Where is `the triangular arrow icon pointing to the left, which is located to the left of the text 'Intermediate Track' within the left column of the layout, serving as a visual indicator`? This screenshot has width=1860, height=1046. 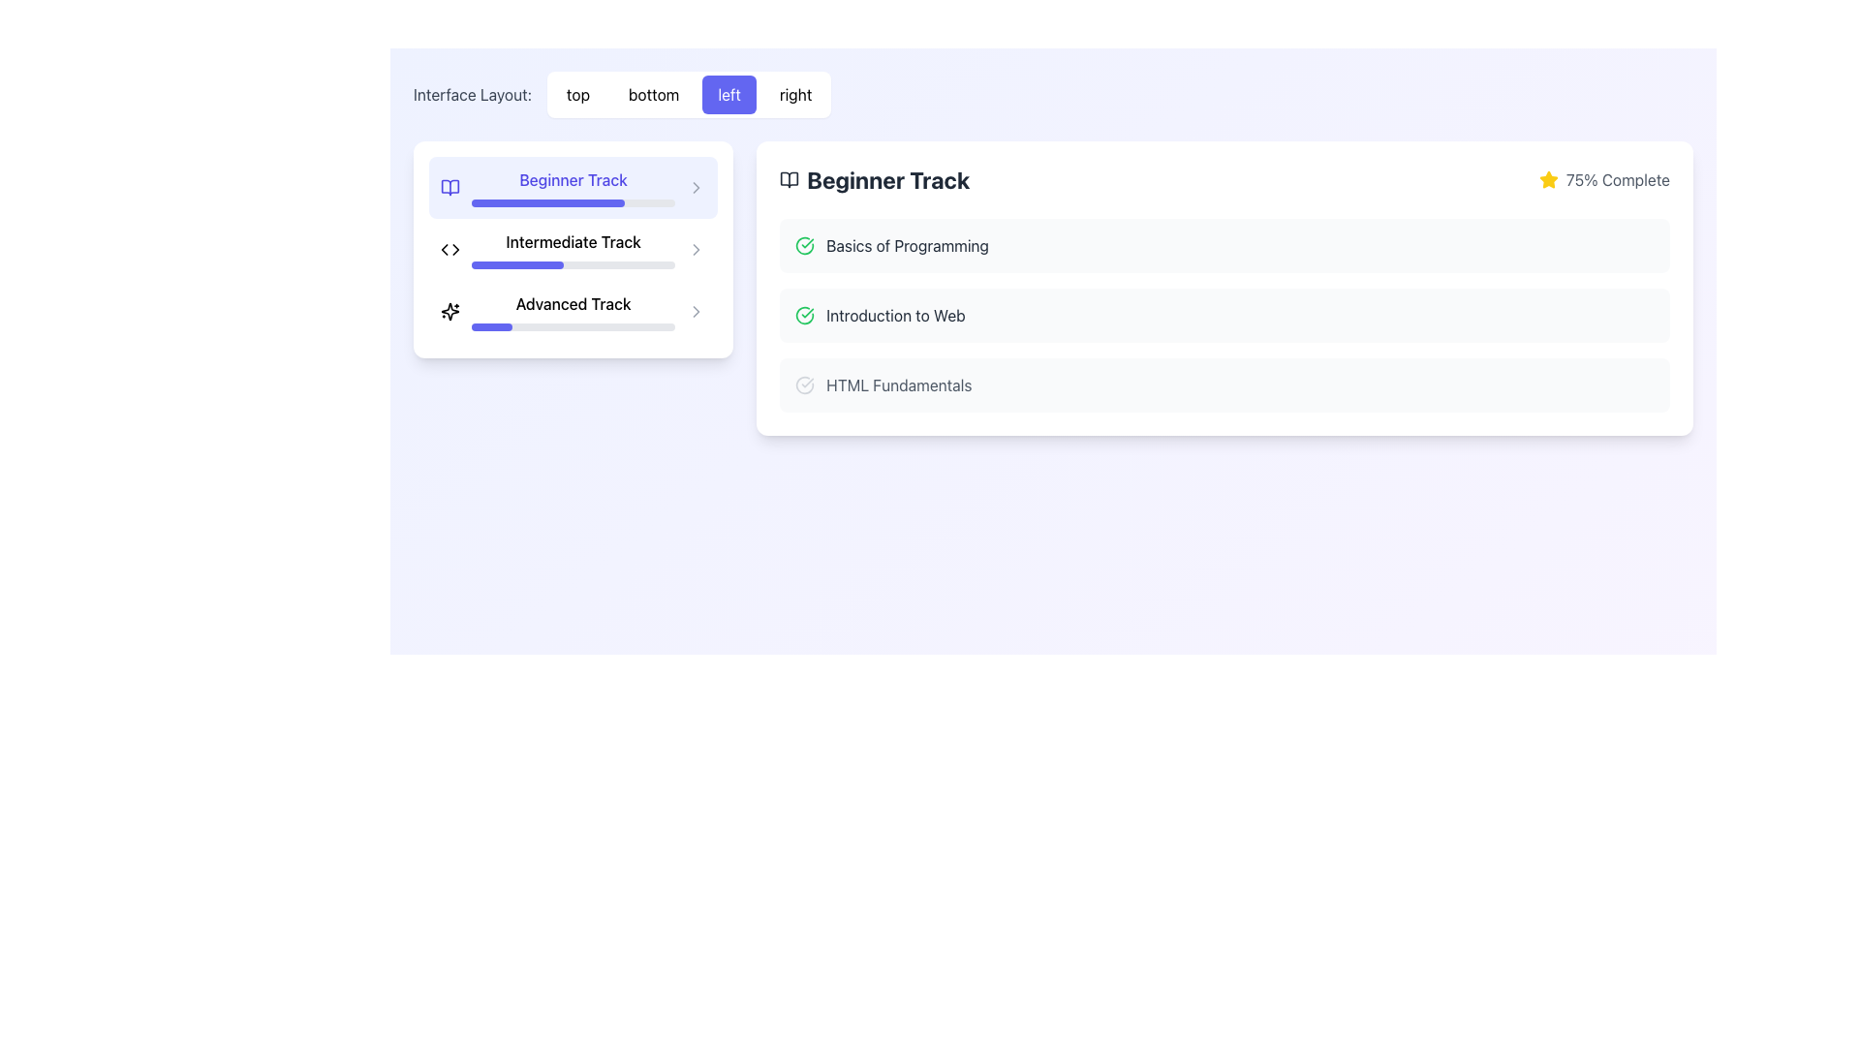 the triangular arrow icon pointing to the left, which is located to the left of the text 'Intermediate Track' within the left column of the layout, serving as a visual indicator is located at coordinates (454, 249).